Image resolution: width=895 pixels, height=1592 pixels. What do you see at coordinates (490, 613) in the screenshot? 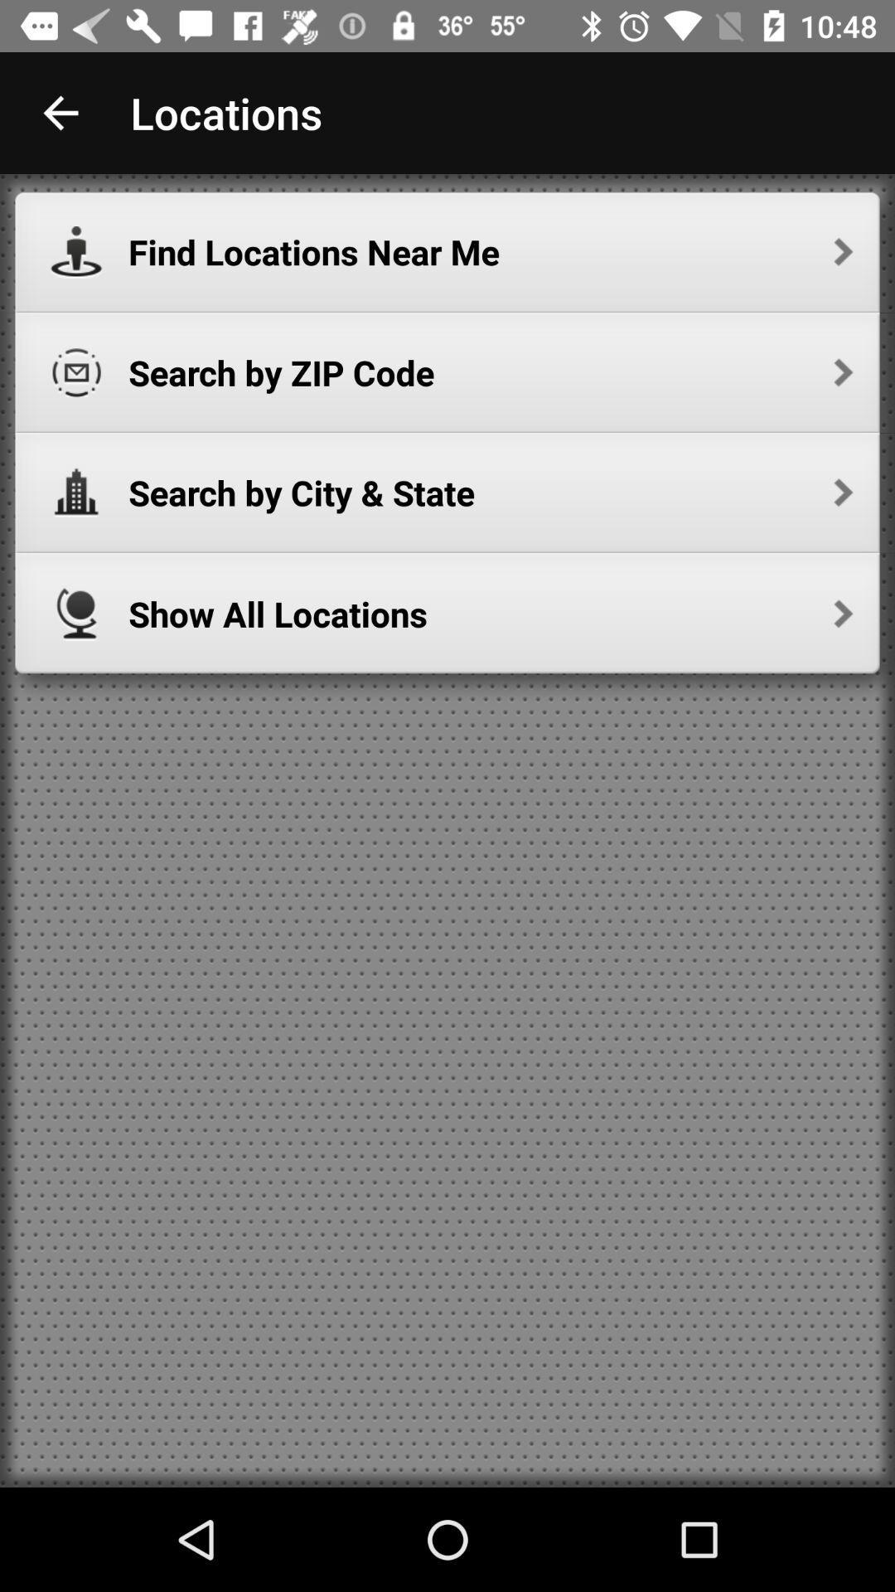
I see `show all locations at the center` at bounding box center [490, 613].